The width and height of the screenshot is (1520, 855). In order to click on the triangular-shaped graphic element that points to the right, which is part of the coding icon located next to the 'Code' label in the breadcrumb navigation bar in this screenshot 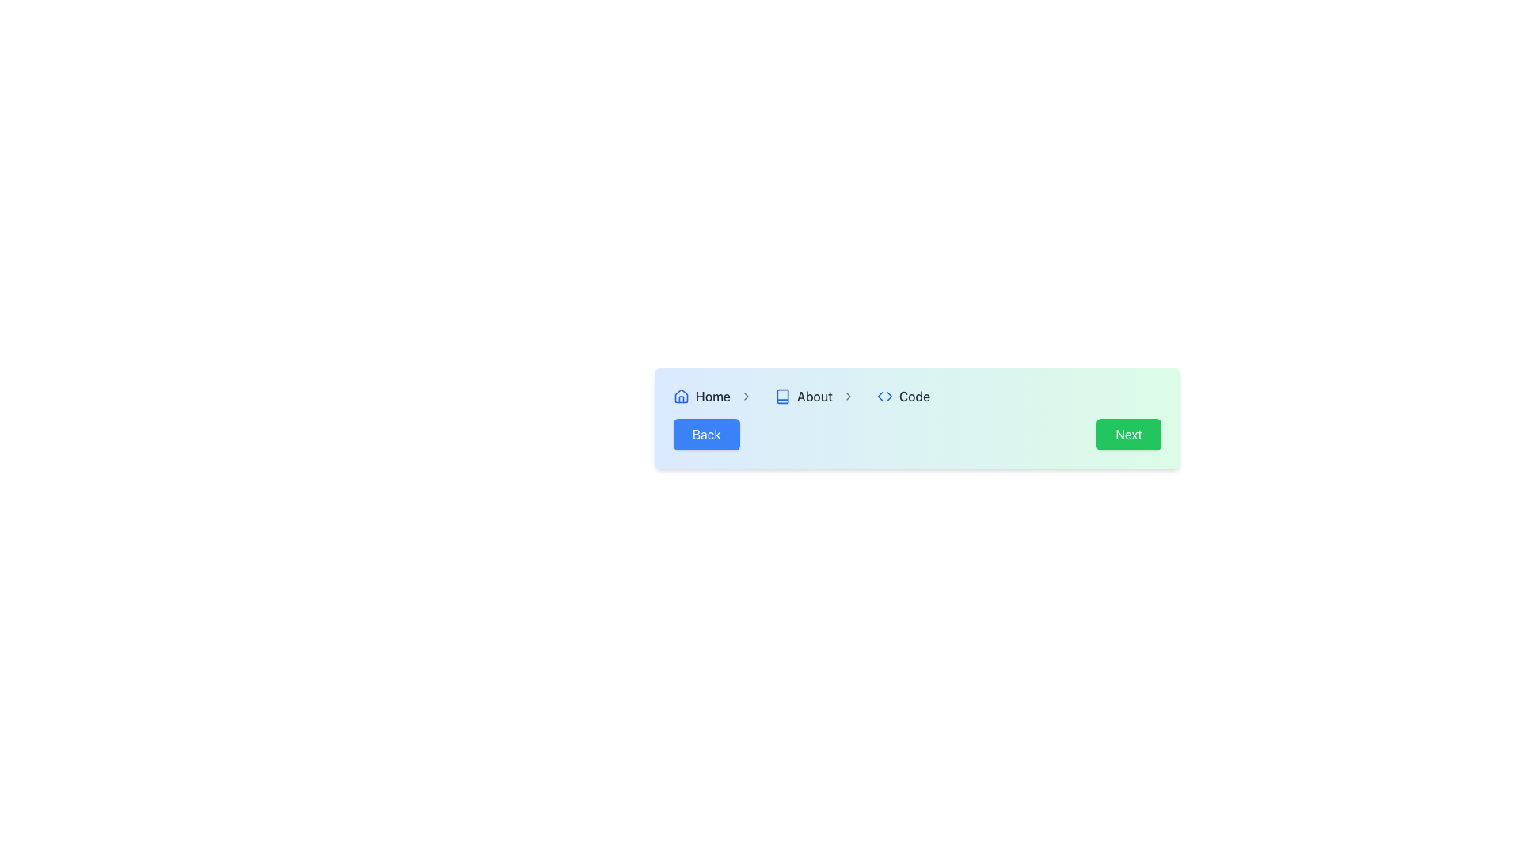, I will do `click(889, 396)`.